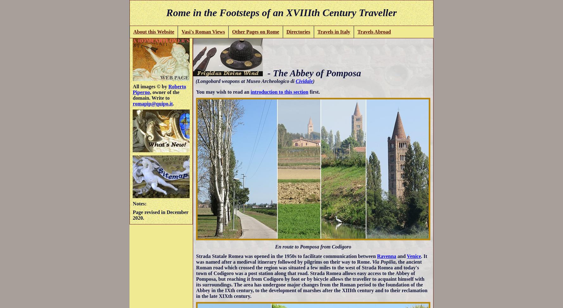  I want to click on ', owner of the domain.  
Write to', so click(155, 95).